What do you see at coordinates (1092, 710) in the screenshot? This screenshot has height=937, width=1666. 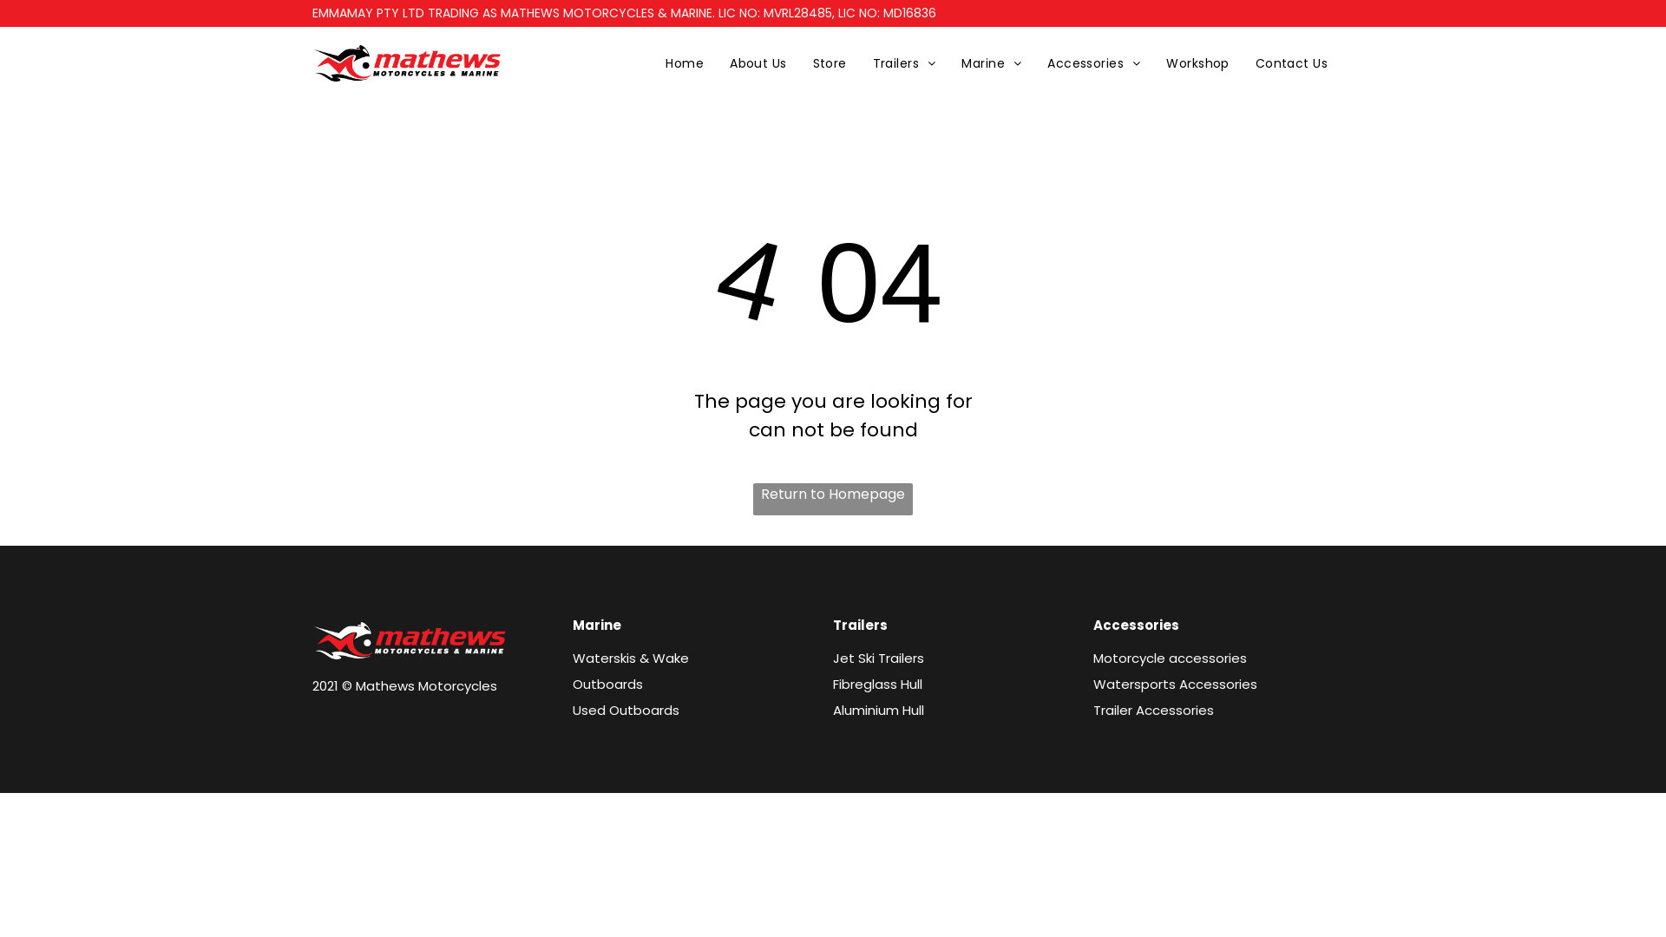 I see `'Trailer Accessories'` at bounding box center [1092, 710].